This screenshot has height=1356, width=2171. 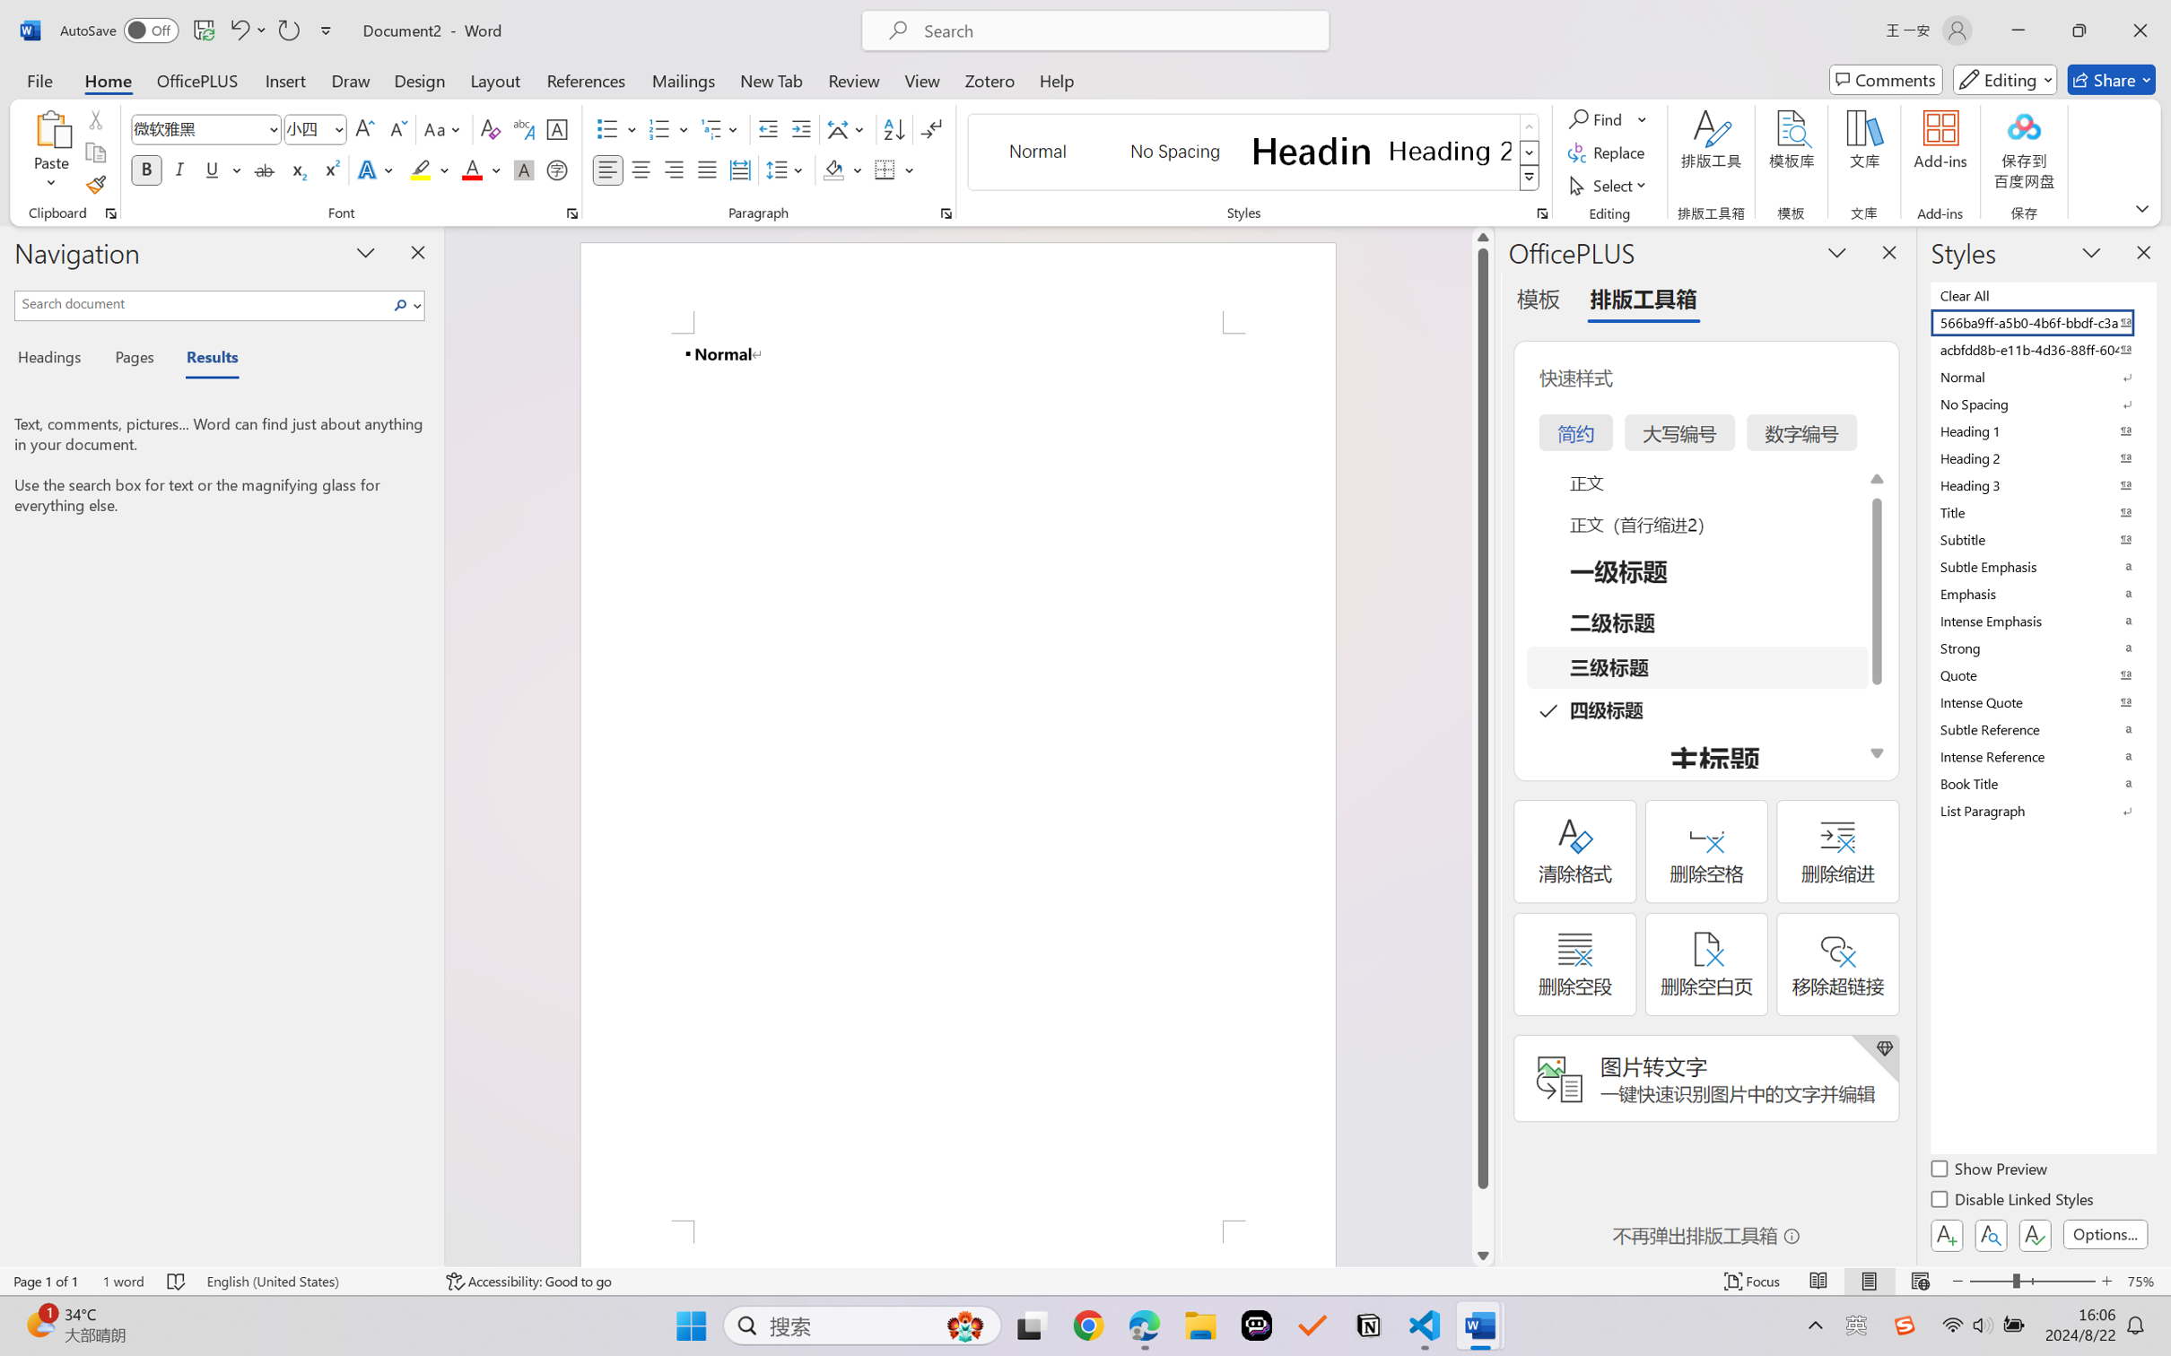 I want to click on 'List Paragraph', so click(x=2041, y=809).